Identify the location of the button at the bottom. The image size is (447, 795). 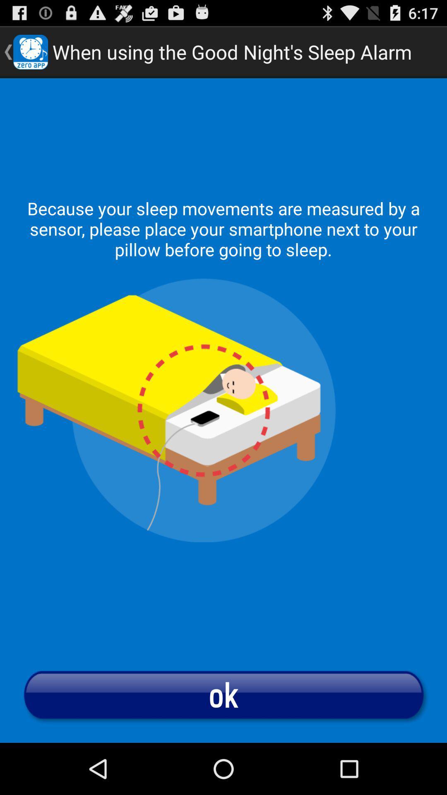
(223, 694).